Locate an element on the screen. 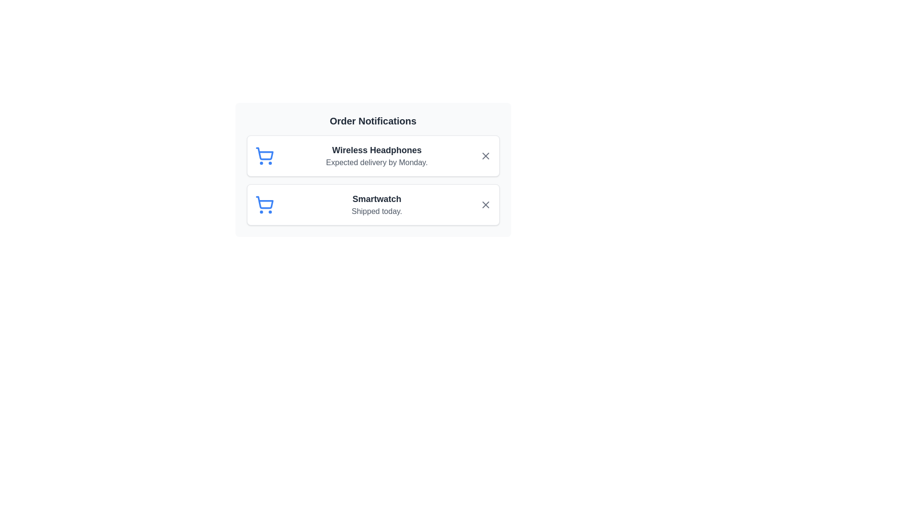 The height and width of the screenshot is (517, 919). the order item to highlight its details is located at coordinates (372, 156).